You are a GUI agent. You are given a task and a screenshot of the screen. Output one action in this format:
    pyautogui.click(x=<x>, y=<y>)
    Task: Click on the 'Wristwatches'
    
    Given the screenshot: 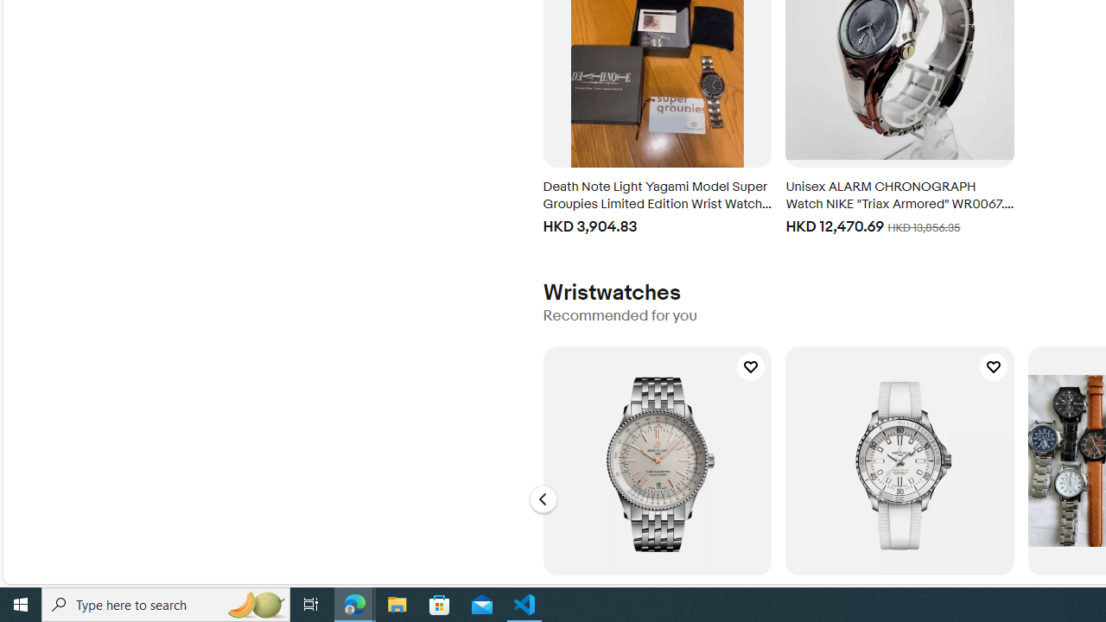 What is the action you would take?
    pyautogui.click(x=612, y=292)
    